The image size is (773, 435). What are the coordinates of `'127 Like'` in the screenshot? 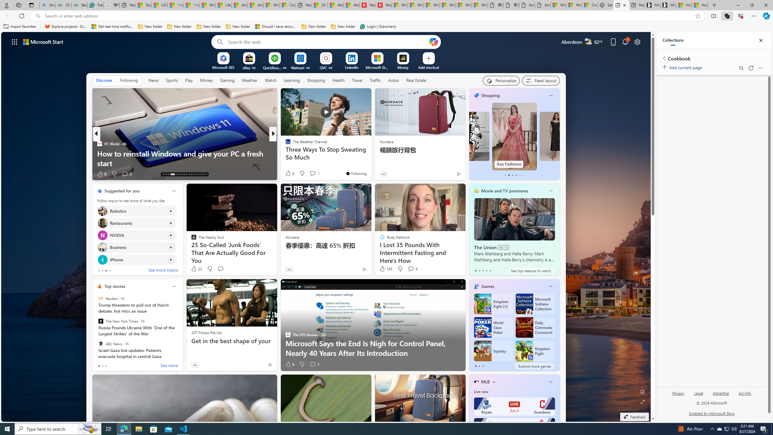 It's located at (289, 174).